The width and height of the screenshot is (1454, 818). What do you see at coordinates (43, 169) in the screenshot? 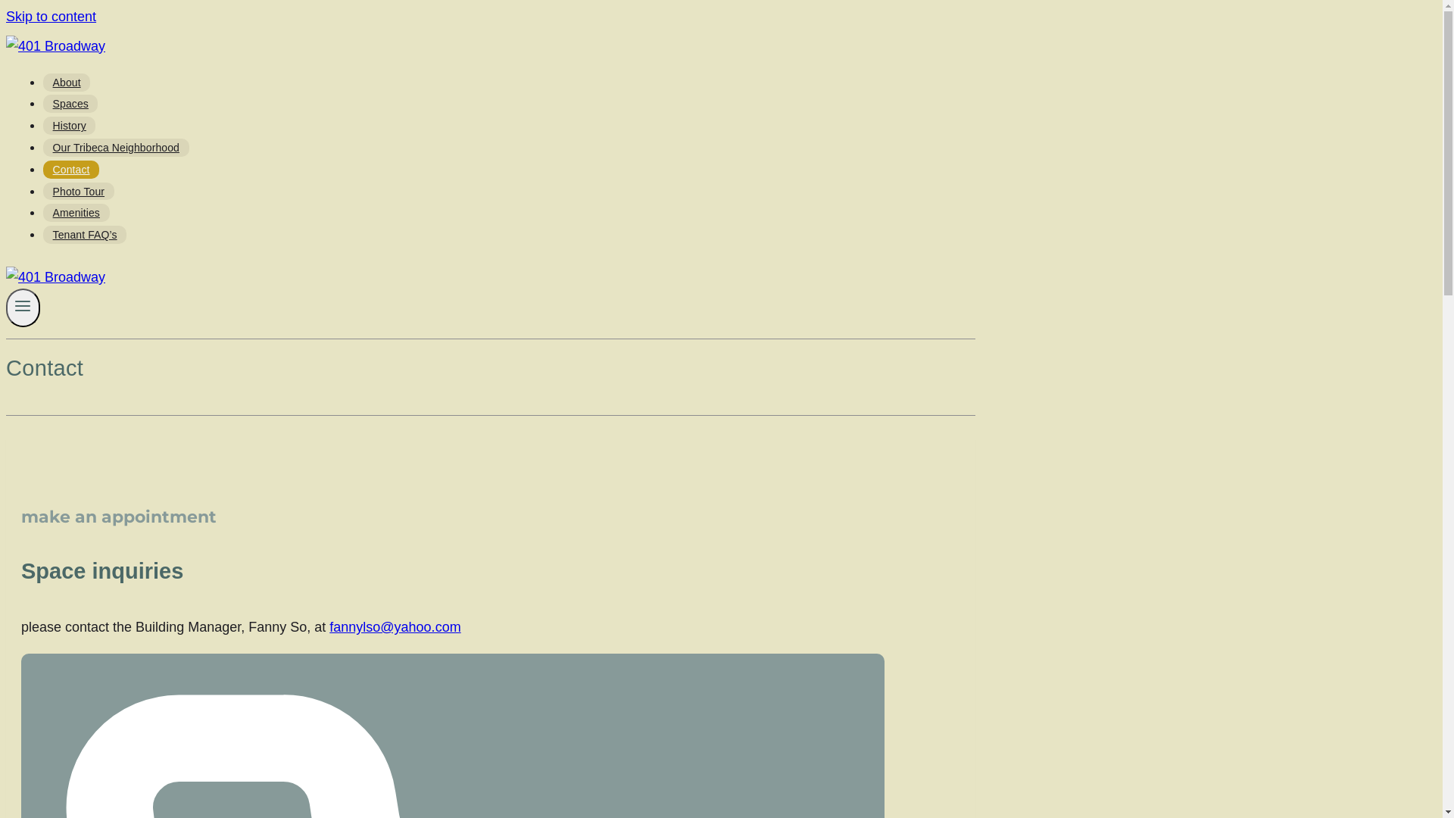
I see `'Contact'` at bounding box center [43, 169].